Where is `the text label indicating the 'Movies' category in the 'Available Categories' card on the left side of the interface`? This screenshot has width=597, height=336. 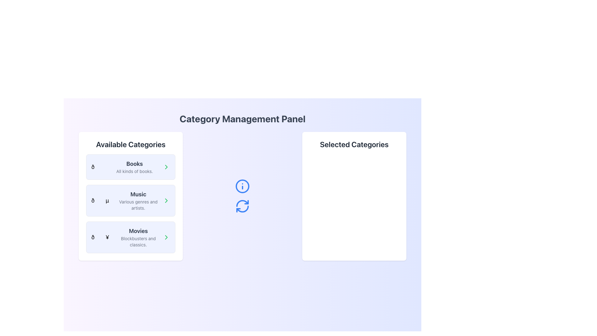 the text label indicating the 'Movies' category in the 'Available Categories' card on the left side of the interface is located at coordinates (138, 231).